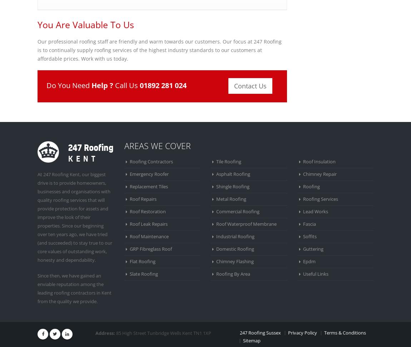  I want to click on '01892 281 024', so click(163, 85).